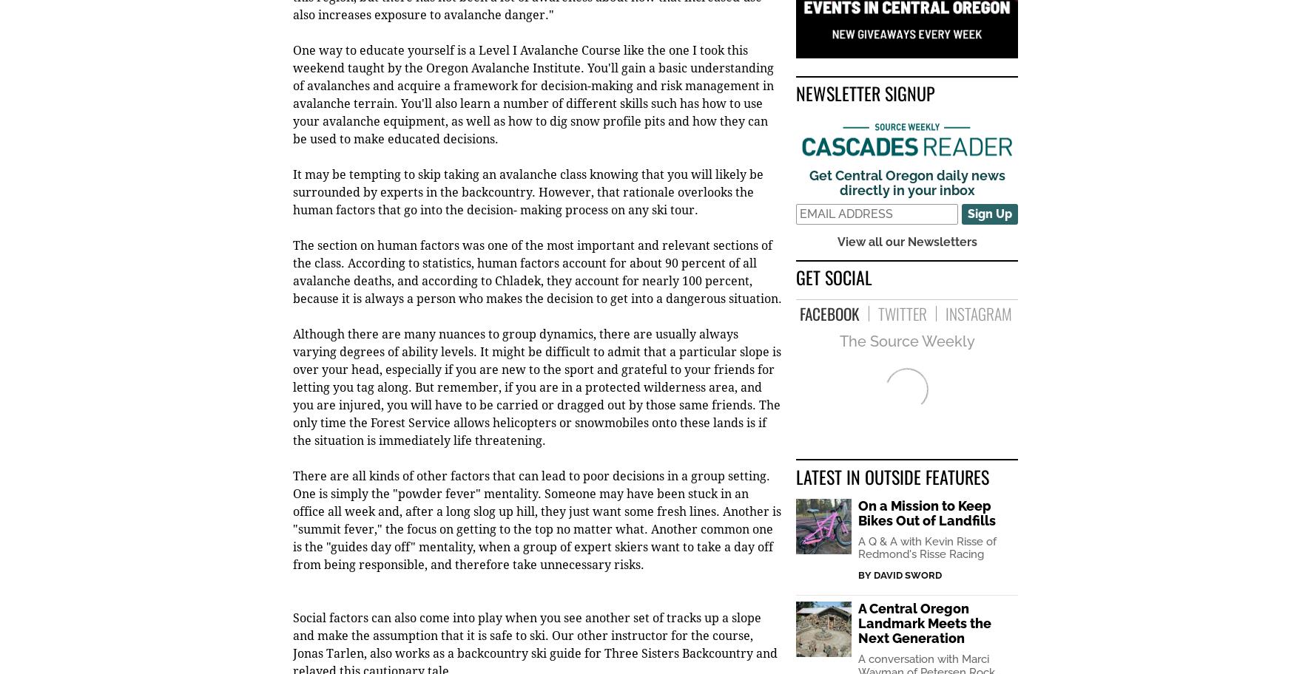 This screenshot has height=674, width=1311. What do you see at coordinates (833, 278) in the screenshot?
I see `'Get Social'` at bounding box center [833, 278].